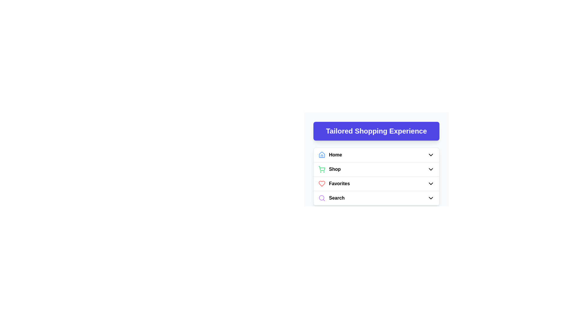  Describe the element at coordinates (321, 183) in the screenshot. I see `the heart icon indicating the 'Favorites' section in the navigation menu, located to the left of the 'Favorites' label` at that location.